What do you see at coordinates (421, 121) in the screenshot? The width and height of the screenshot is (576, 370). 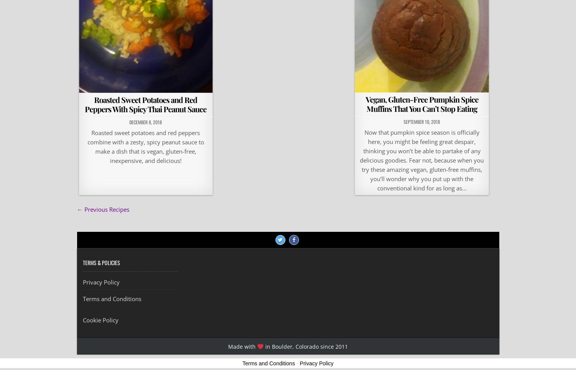 I see `'September 10, 2018'` at bounding box center [421, 121].